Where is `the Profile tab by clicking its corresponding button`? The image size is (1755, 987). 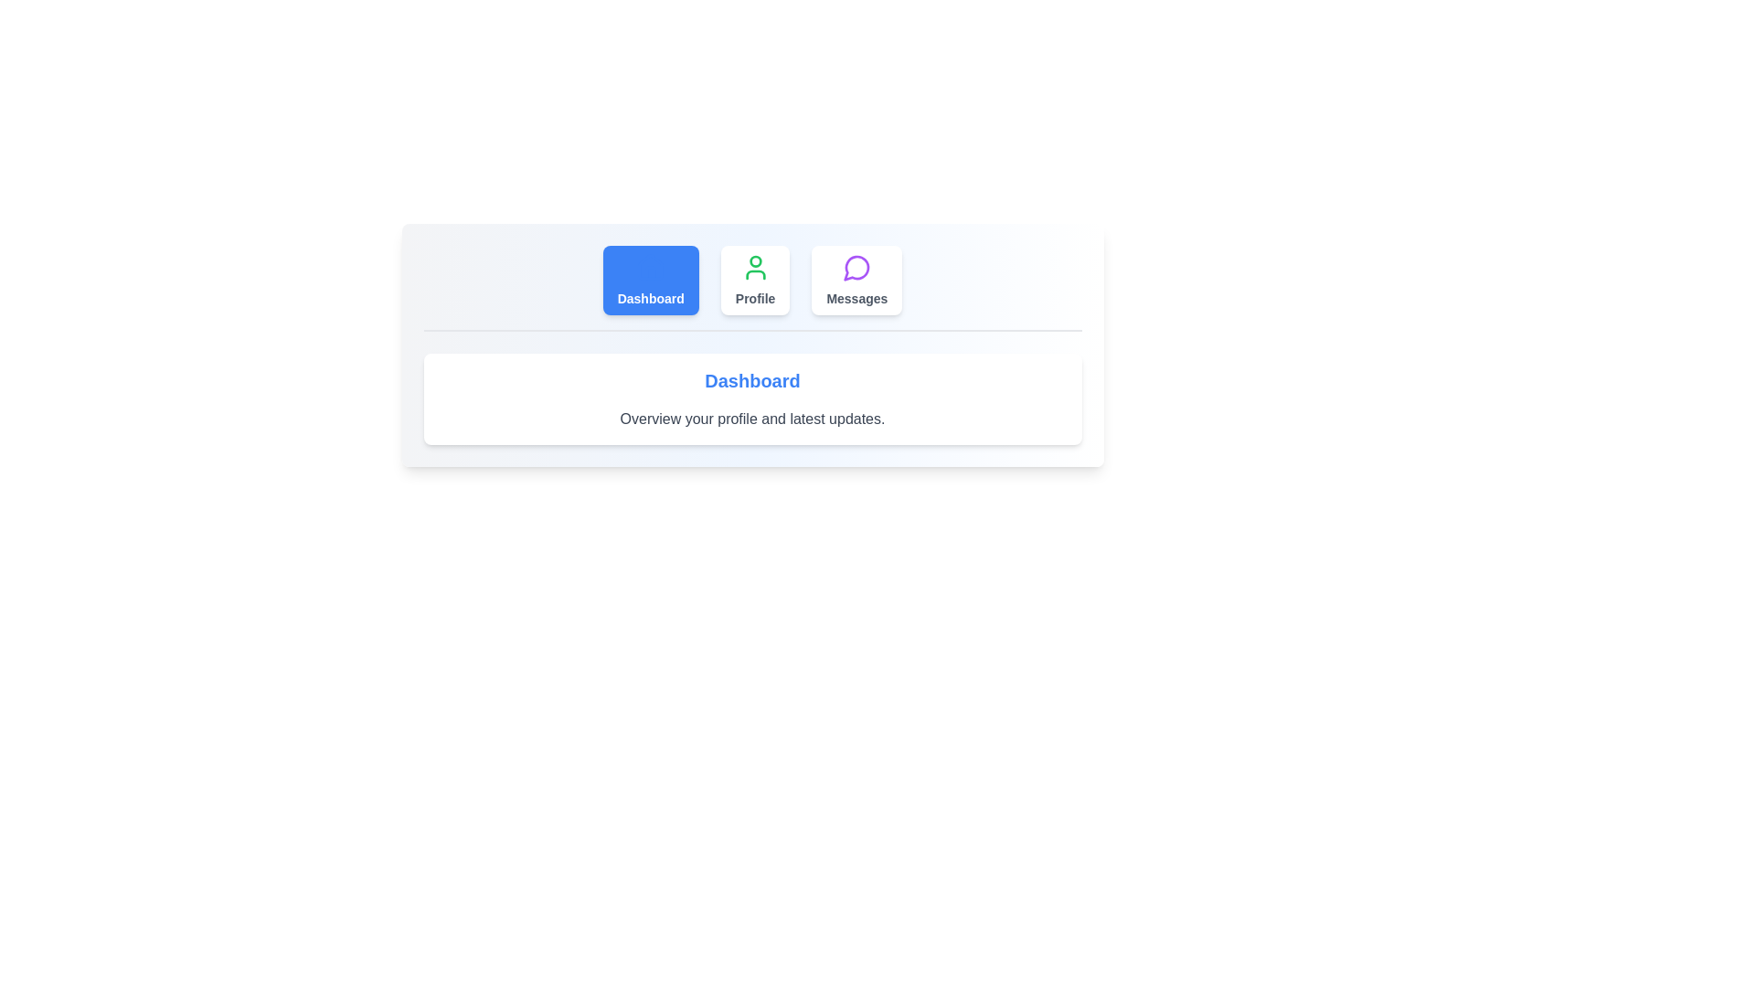 the Profile tab by clicking its corresponding button is located at coordinates (755, 281).